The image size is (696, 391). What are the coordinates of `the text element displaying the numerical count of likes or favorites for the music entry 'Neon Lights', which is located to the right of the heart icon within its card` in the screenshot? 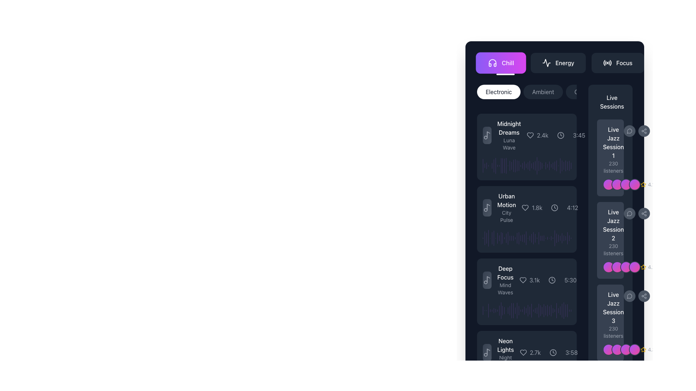 It's located at (535, 352).